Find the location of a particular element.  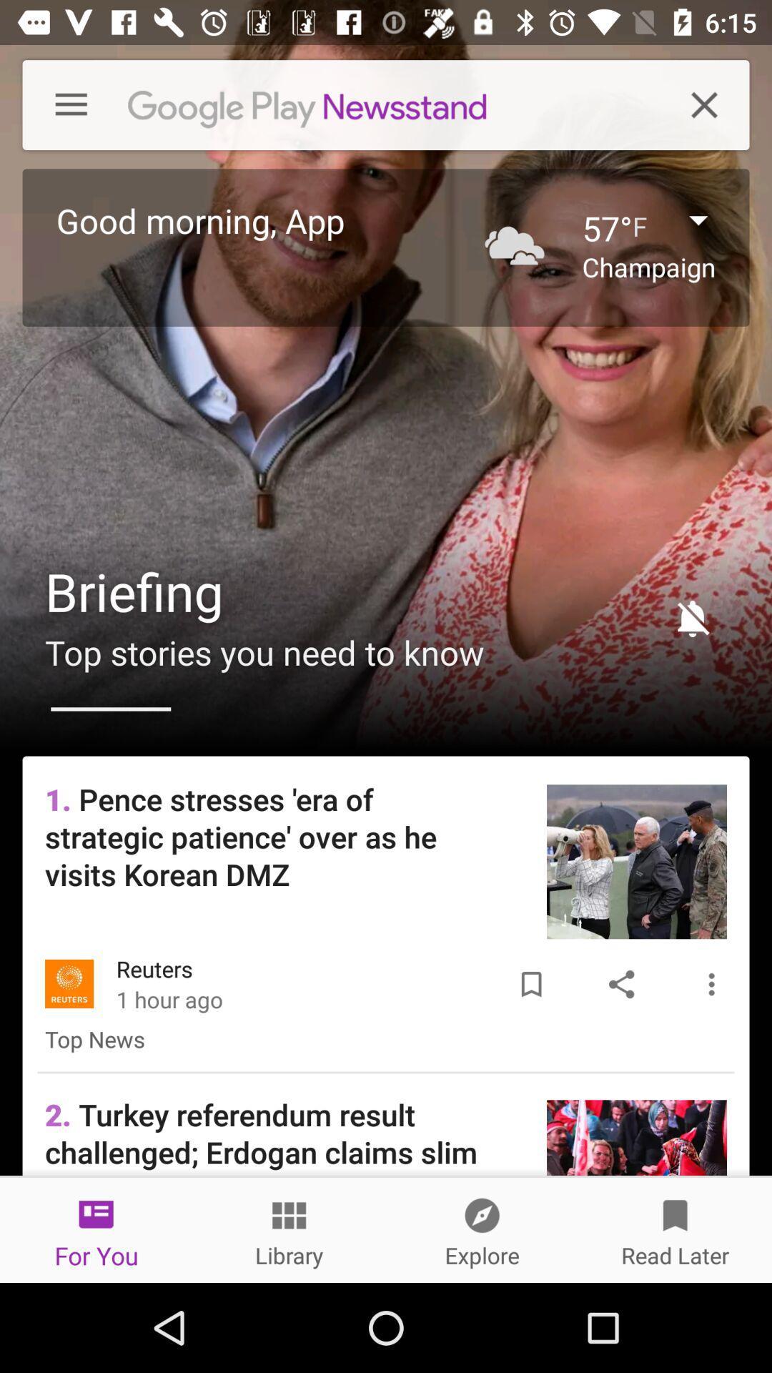

the icon above good morning, app icon is located at coordinates (59, 104).